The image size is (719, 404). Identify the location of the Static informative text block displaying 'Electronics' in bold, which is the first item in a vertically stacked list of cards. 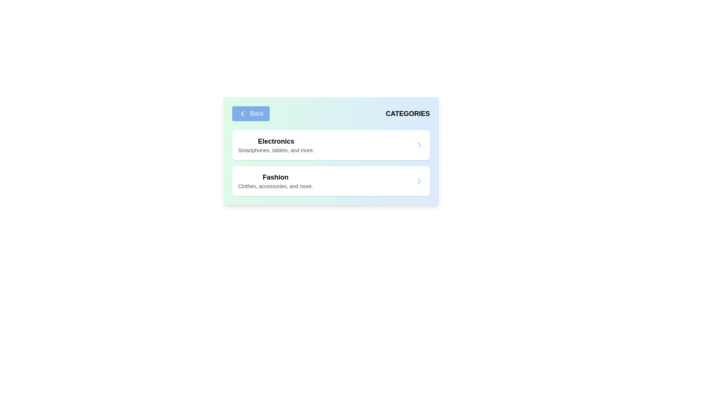
(276, 145).